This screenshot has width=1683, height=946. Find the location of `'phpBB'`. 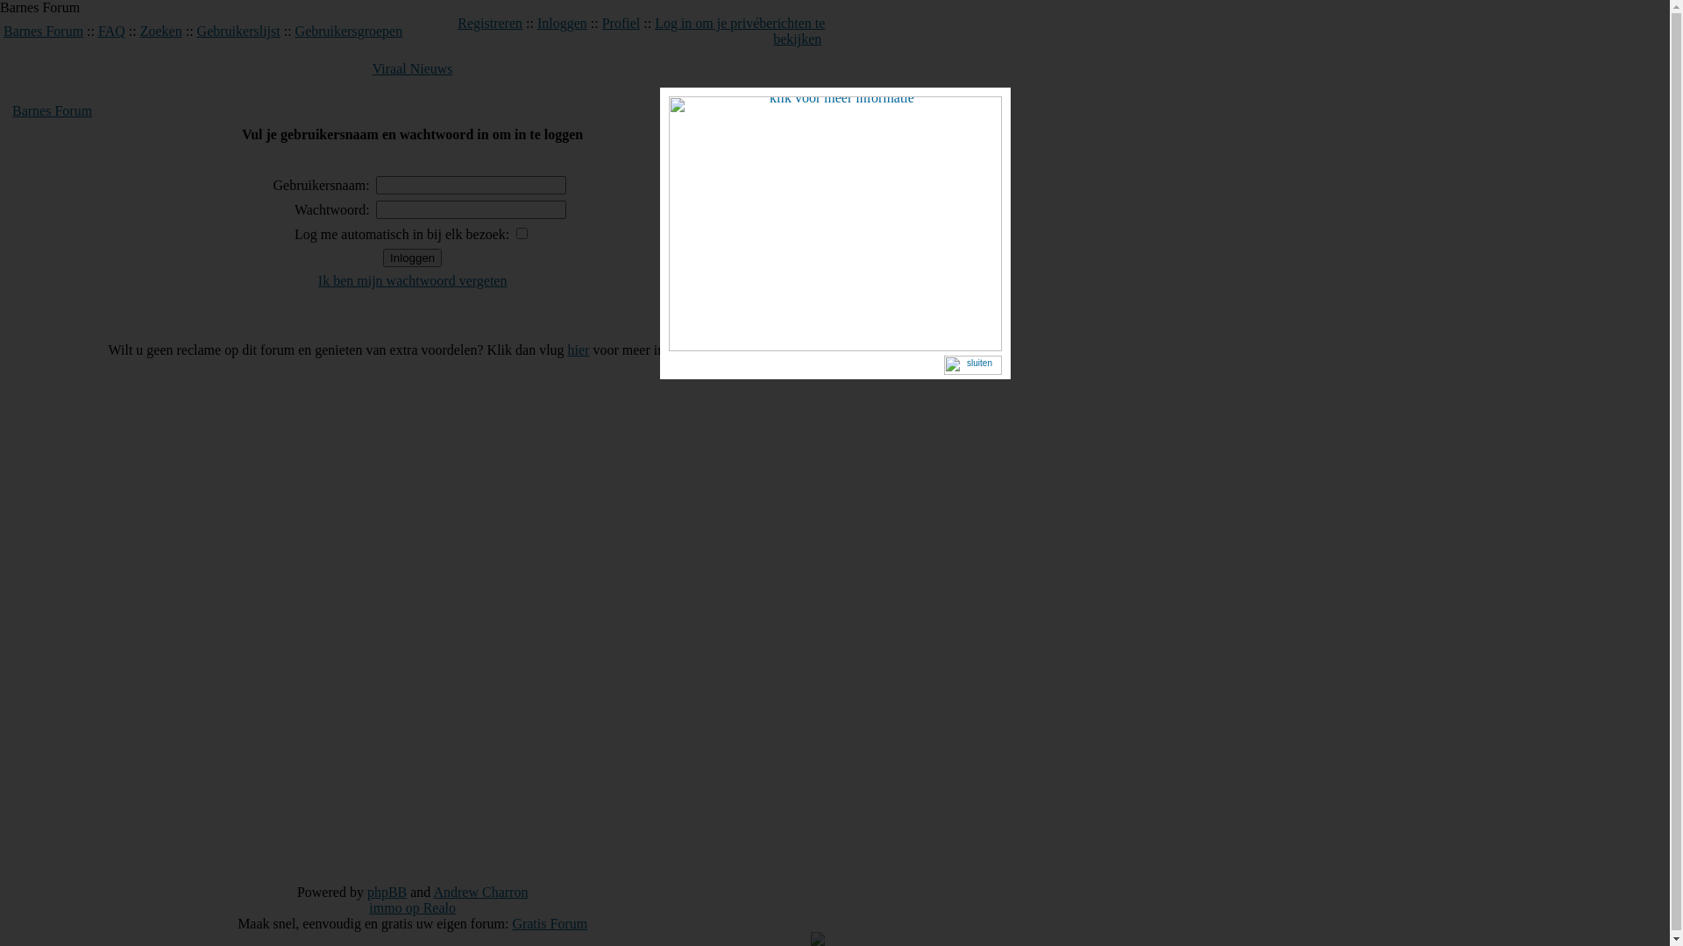

'phpBB' is located at coordinates (386, 892).